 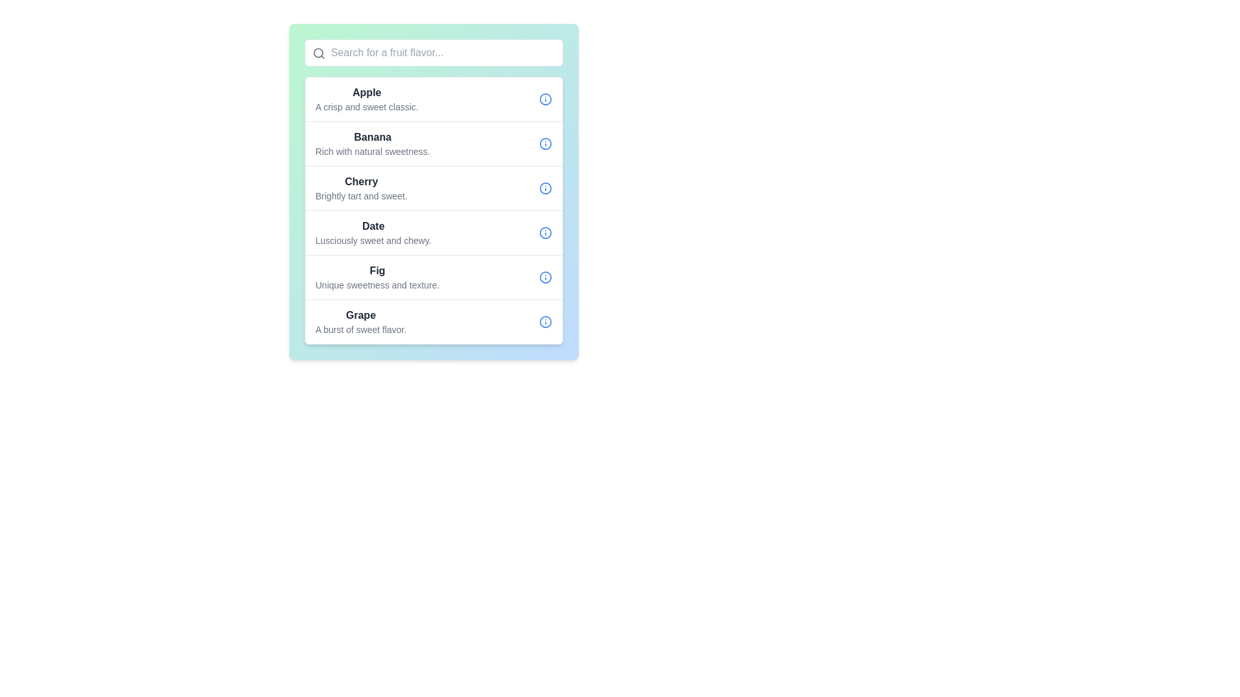 What do you see at coordinates (361, 181) in the screenshot?
I see `the 'Cherry' text label, which is the third entry` at bounding box center [361, 181].